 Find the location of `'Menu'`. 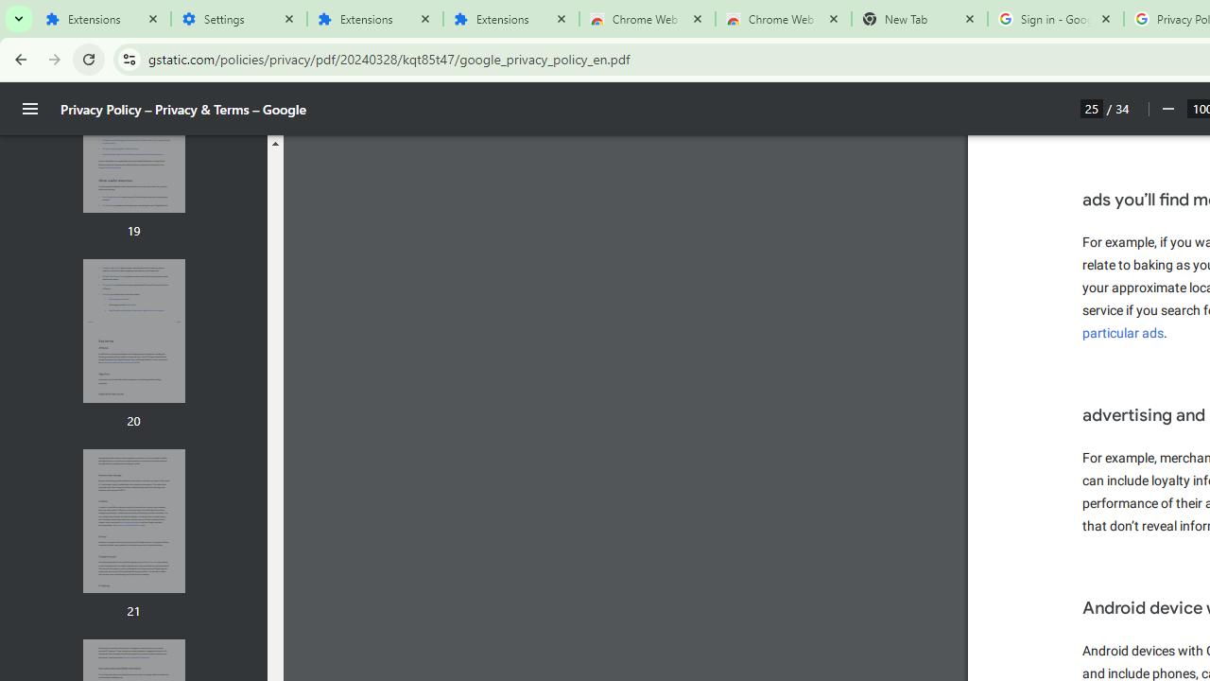

'Menu' is located at coordinates (30, 109).